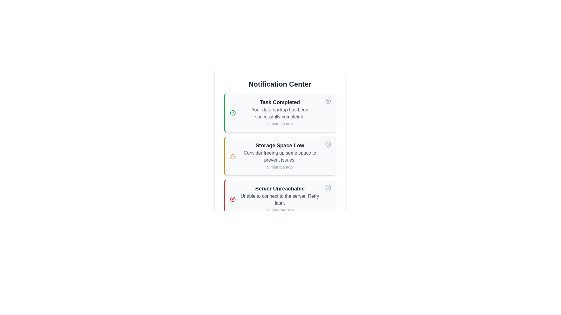  I want to click on the text label displaying 'Task Completed' which is prominently featured in a bold, large font style within the notification card, so click(280, 102).